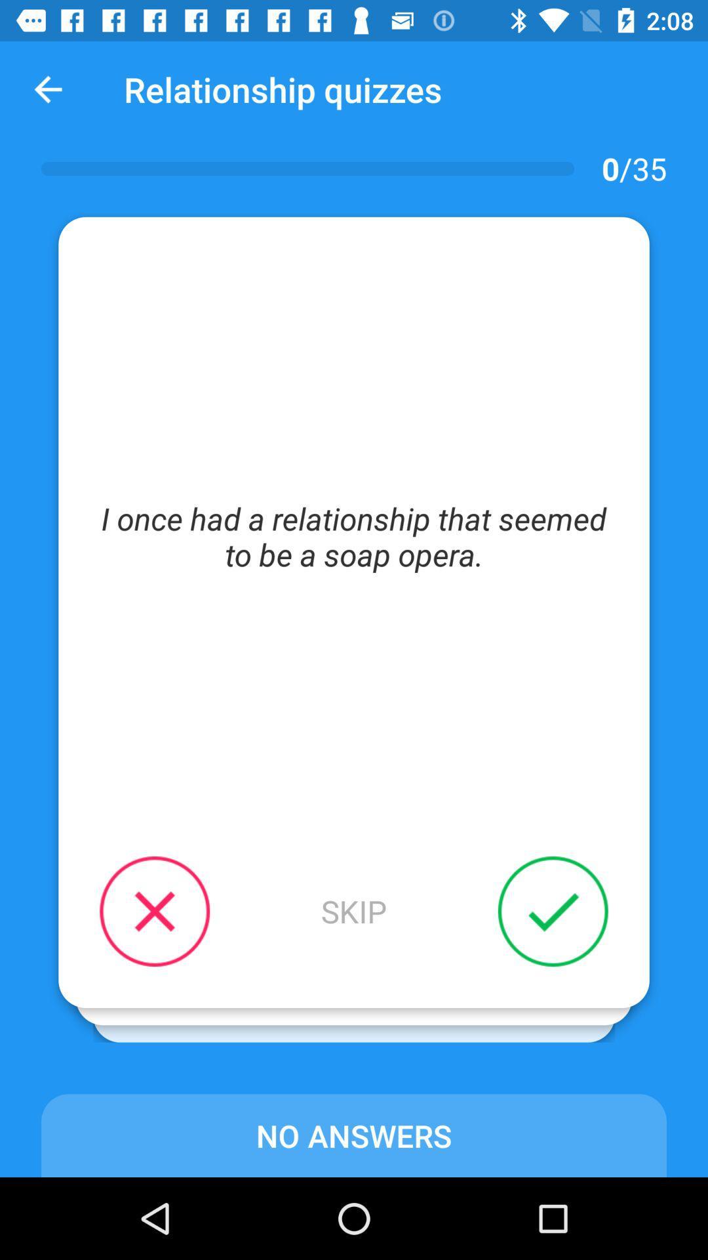 Image resolution: width=708 pixels, height=1260 pixels. Describe the element at coordinates (171, 928) in the screenshot. I see `the close icon` at that location.